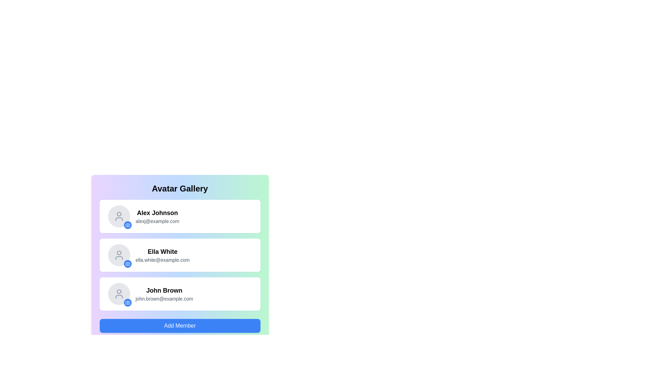 The image size is (665, 374). What do you see at coordinates (180, 216) in the screenshot?
I see `the user's name in the Profile Card, which is the first card in the Avatar Gallery list` at bounding box center [180, 216].